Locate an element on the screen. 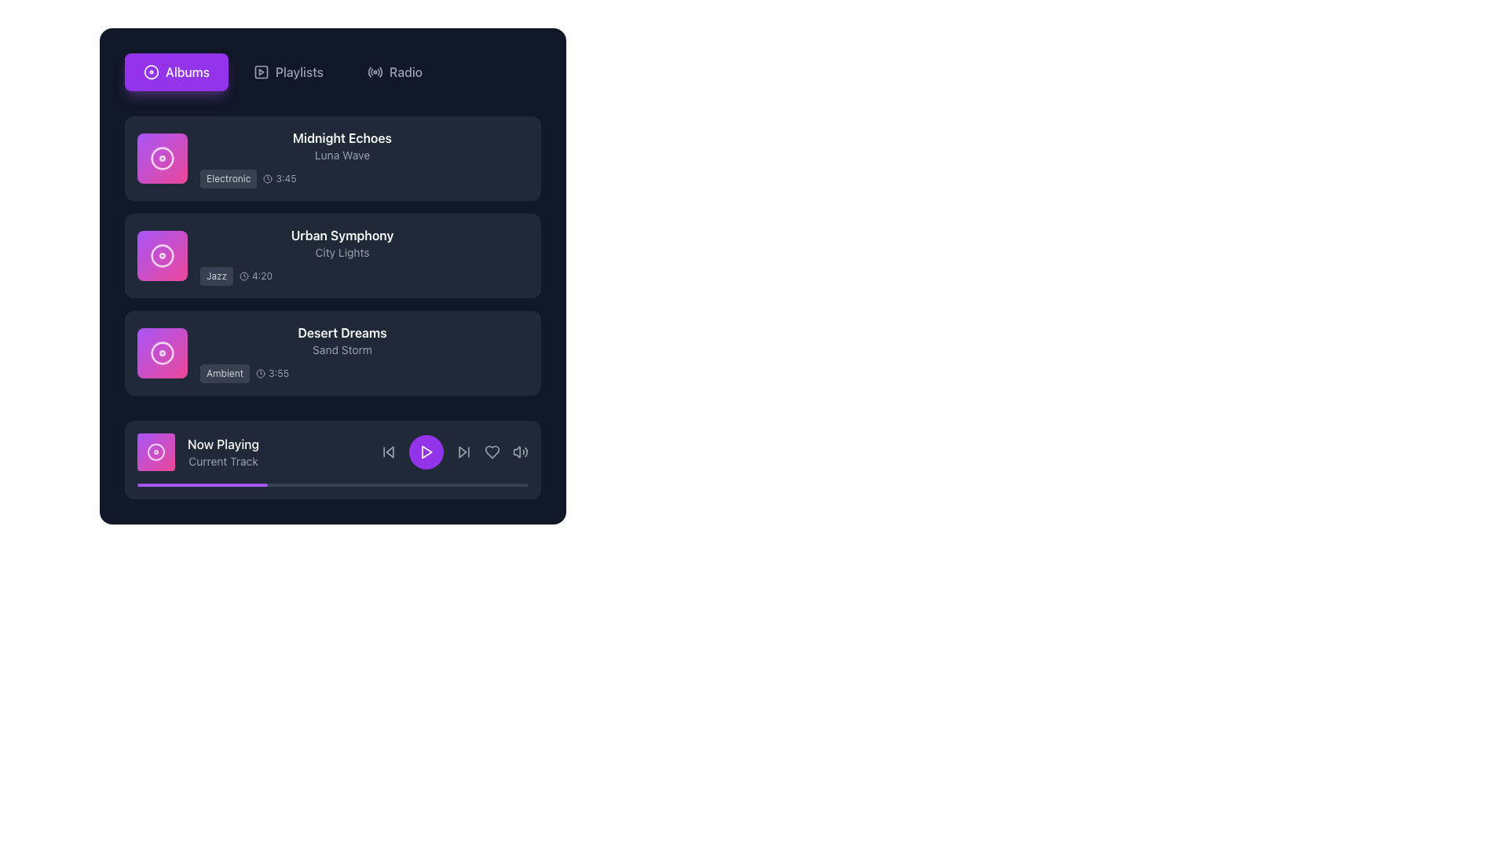 This screenshot has height=848, width=1508. the sound settings button located at the rightmost side of the playback control bar to change its appearance is located at coordinates (520, 451).